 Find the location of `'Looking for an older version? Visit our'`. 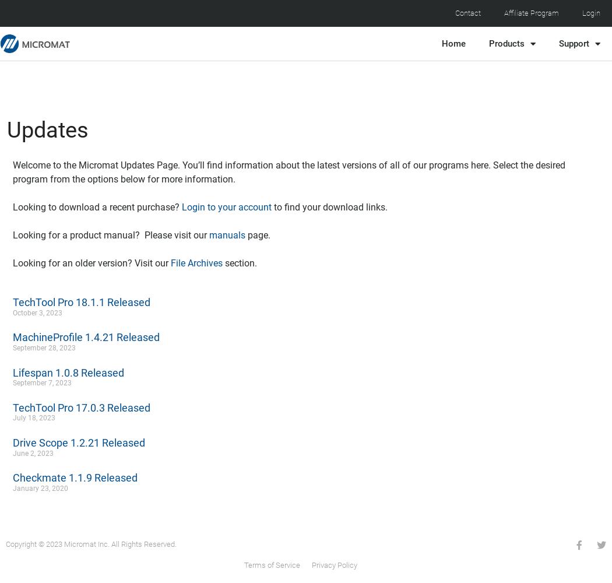

'Looking for an older version? Visit our' is located at coordinates (92, 262).